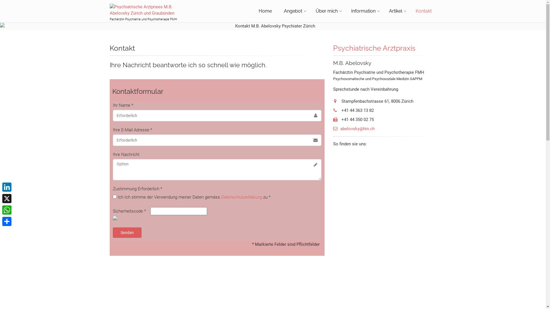 Image resolution: width=550 pixels, height=309 pixels. What do you see at coordinates (423, 11) in the screenshot?
I see `'Kontakt'` at bounding box center [423, 11].